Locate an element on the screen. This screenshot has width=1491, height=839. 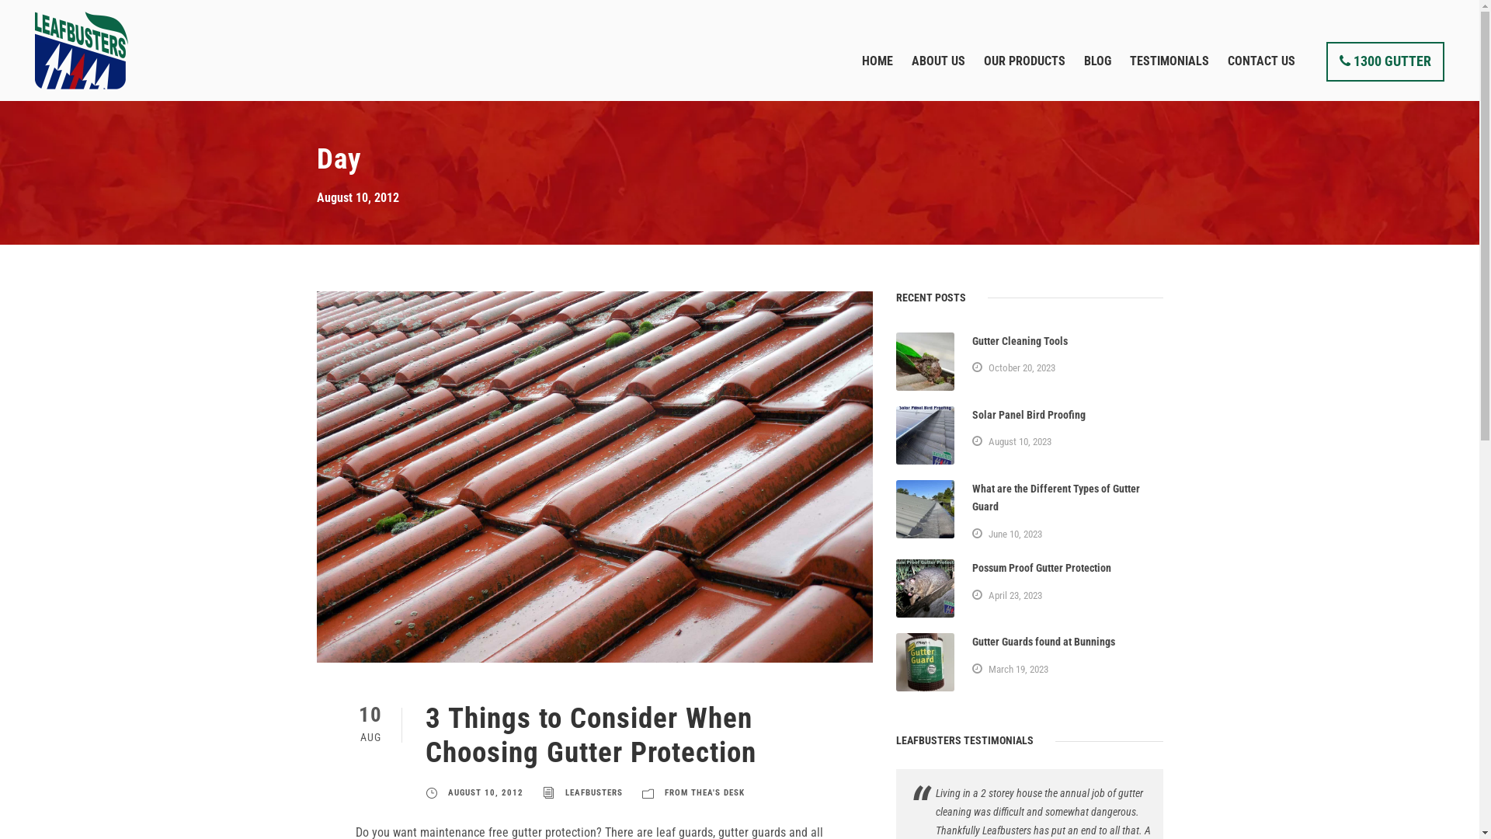
'3 Things to Consider When Choosing Gutter Protection' is located at coordinates (590, 734).